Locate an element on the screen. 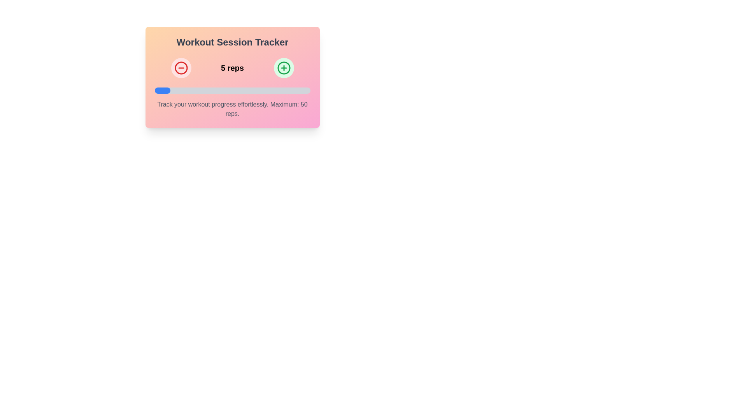 Image resolution: width=747 pixels, height=420 pixels. the slider is located at coordinates (164, 90).